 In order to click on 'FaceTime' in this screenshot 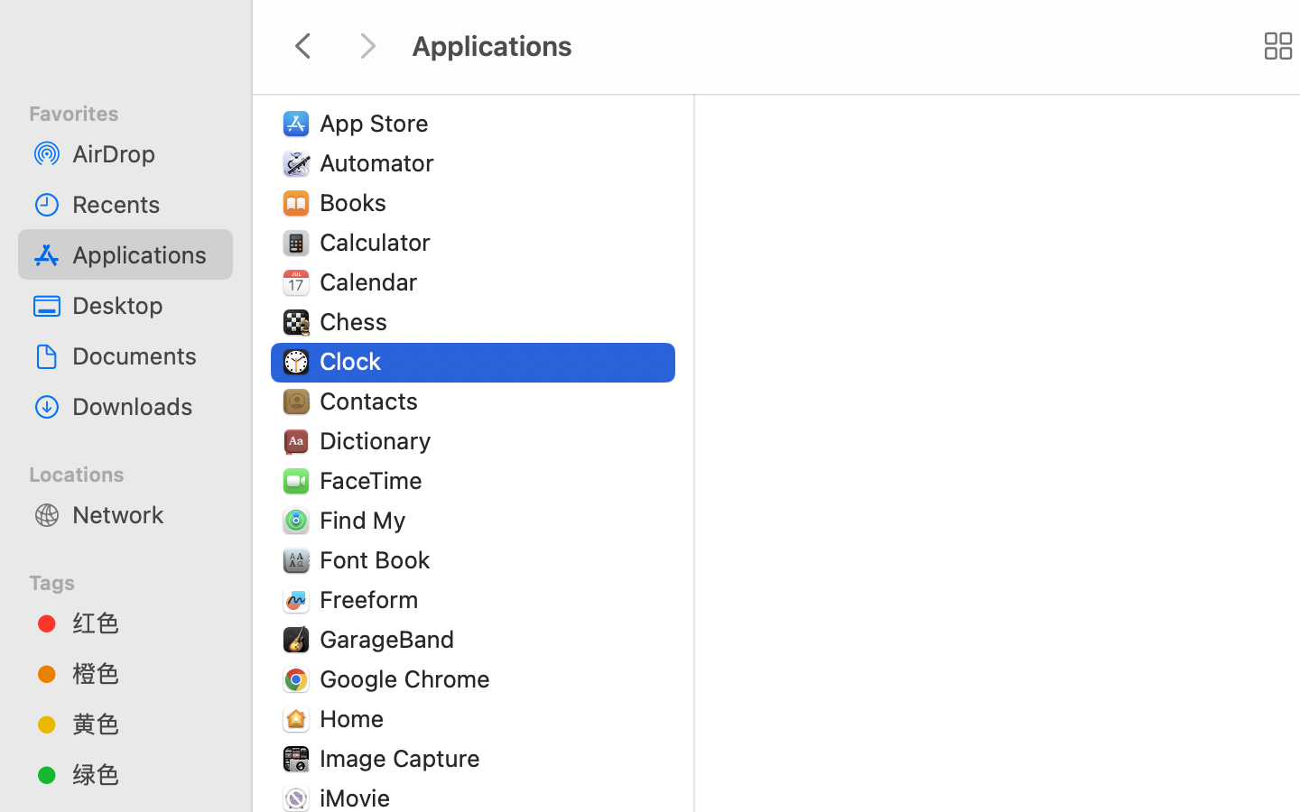, I will do `click(375, 478)`.